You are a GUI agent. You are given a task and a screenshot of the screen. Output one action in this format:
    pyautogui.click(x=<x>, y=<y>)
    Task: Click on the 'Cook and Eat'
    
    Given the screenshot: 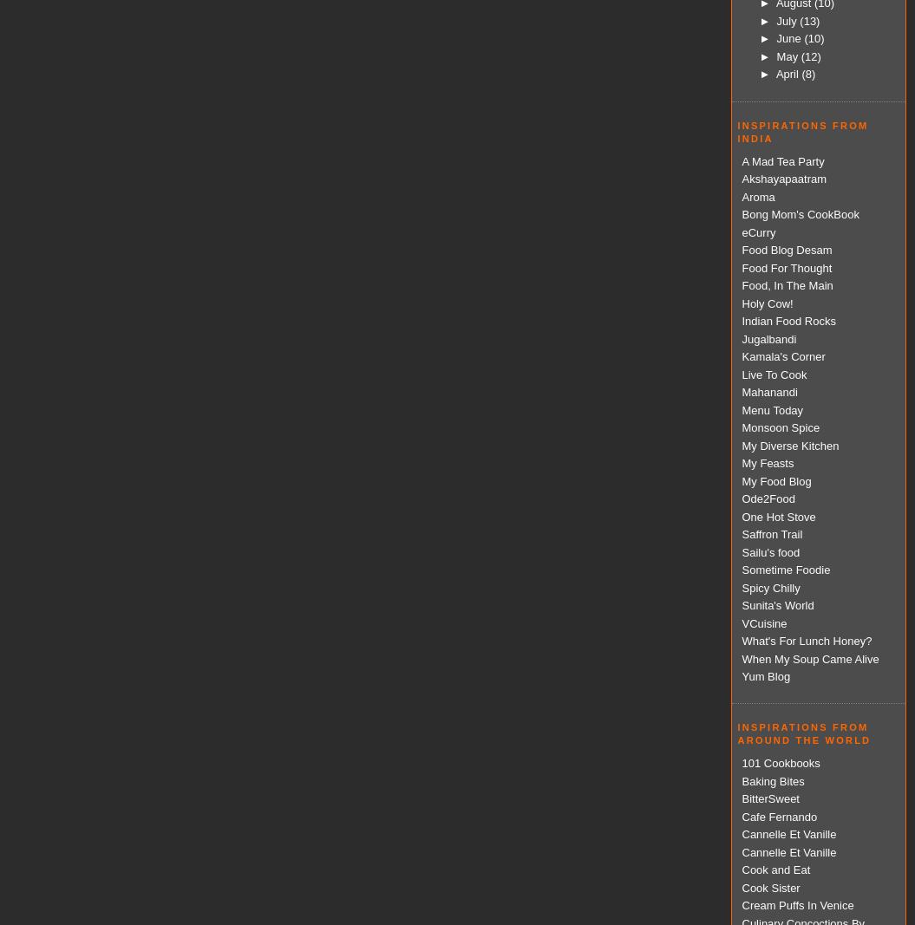 What is the action you would take?
    pyautogui.click(x=774, y=870)
    